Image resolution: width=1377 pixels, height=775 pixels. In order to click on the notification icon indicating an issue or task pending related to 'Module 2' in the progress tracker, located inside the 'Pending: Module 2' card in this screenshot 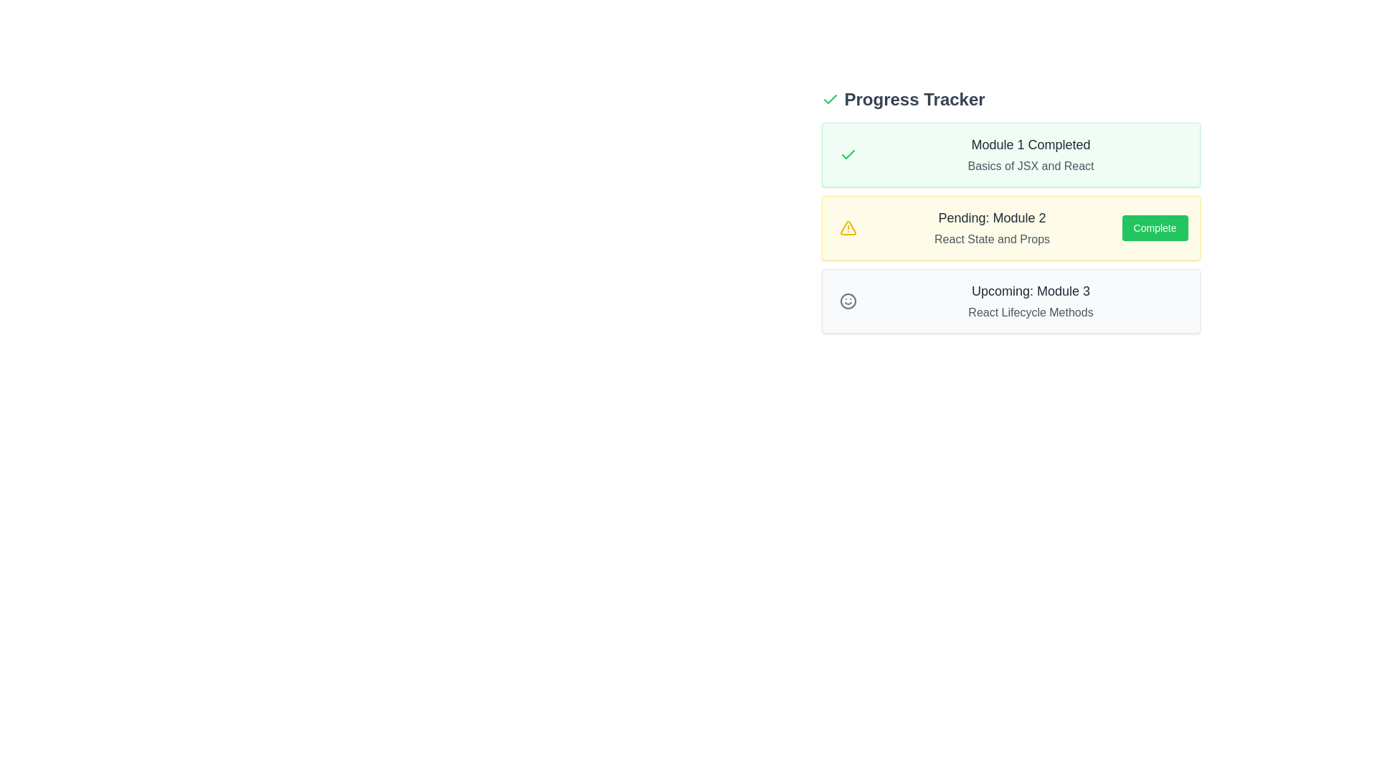, I will do `click(848, 227)`.